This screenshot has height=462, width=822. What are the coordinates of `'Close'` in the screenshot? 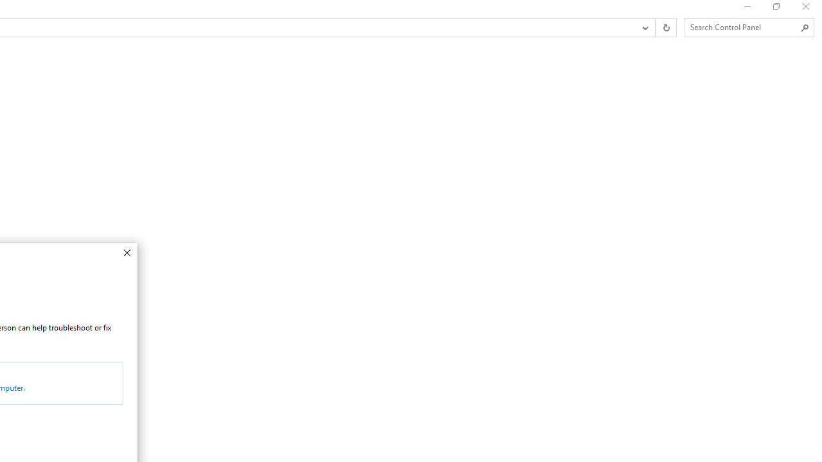 It's located at (127, 253).